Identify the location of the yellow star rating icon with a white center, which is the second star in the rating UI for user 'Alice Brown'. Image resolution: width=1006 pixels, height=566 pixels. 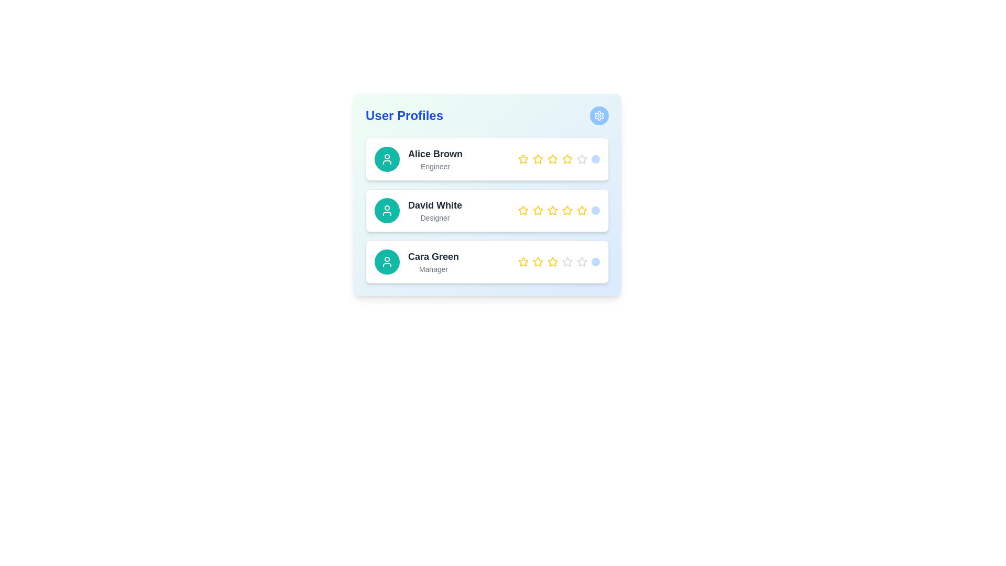
(538, 159).